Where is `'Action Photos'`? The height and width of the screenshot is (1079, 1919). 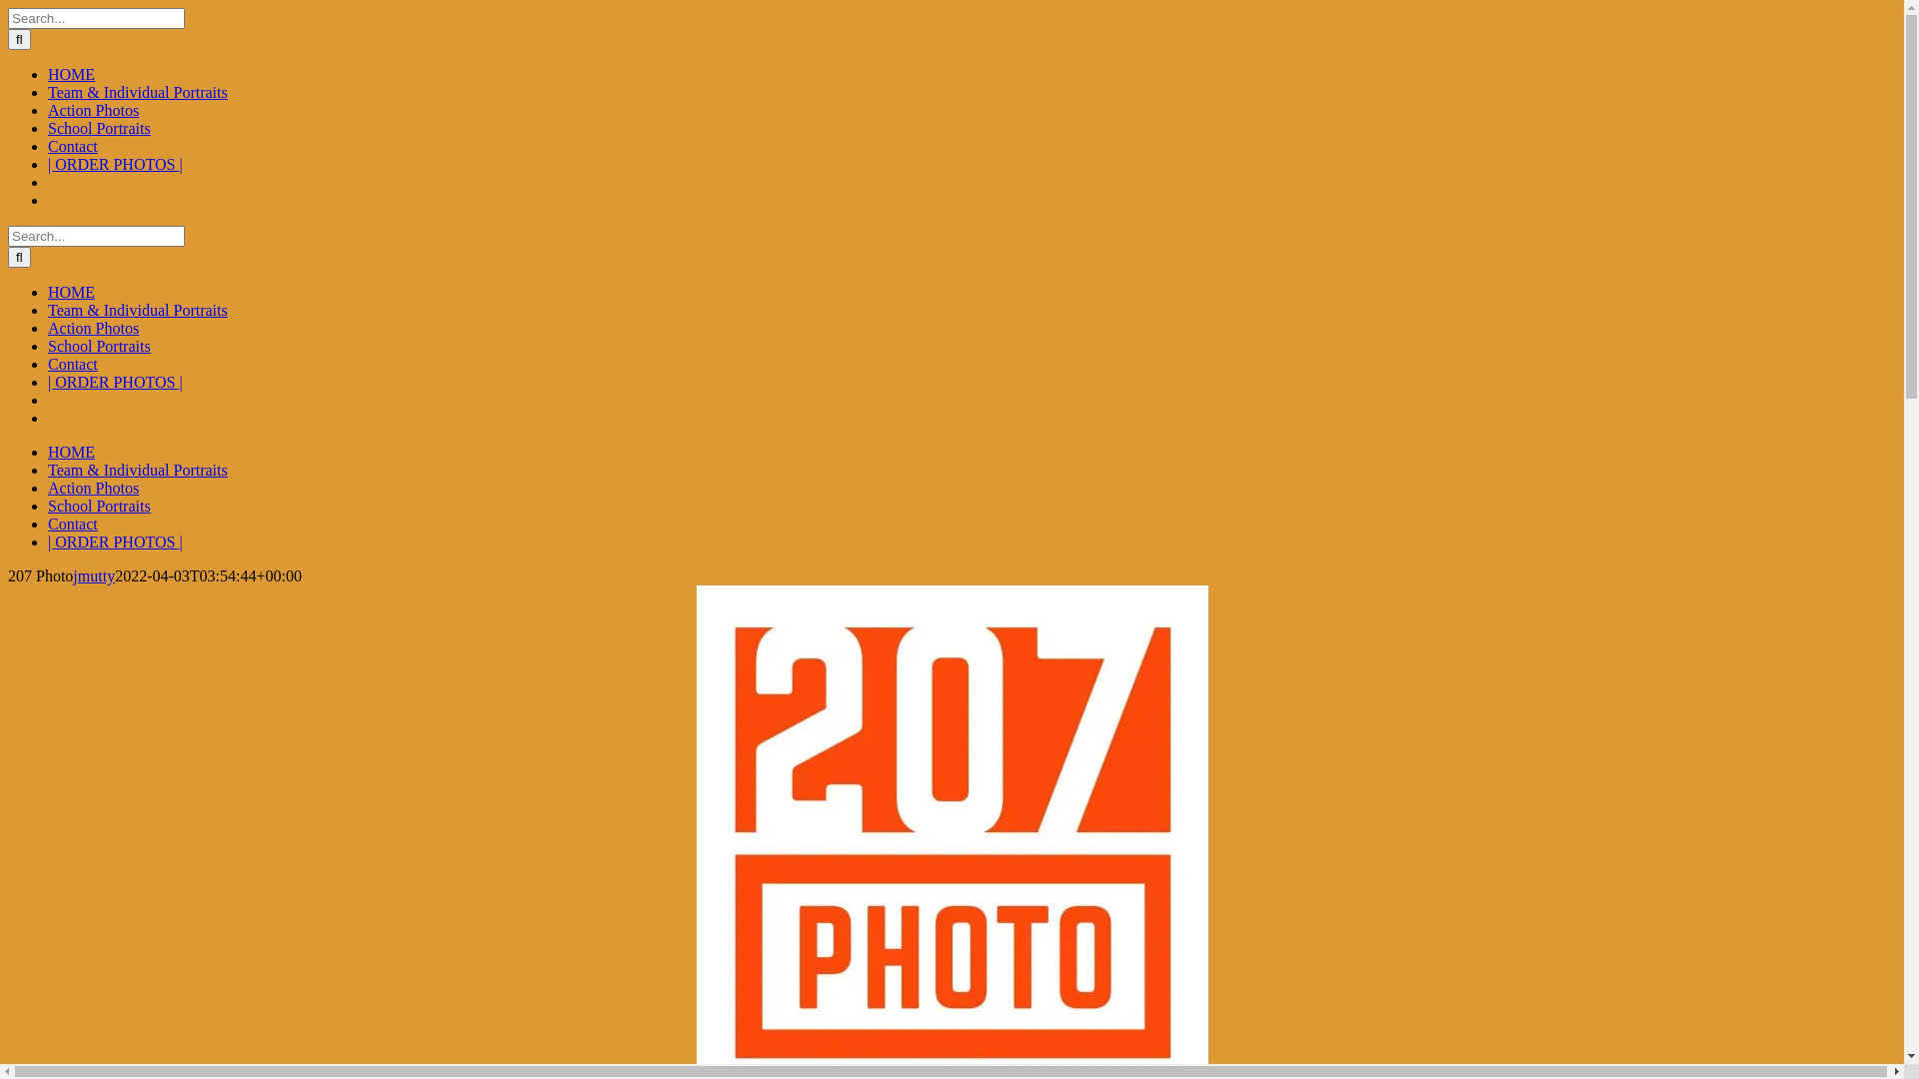
'Action Photos' is located at coordinates (92, 110).